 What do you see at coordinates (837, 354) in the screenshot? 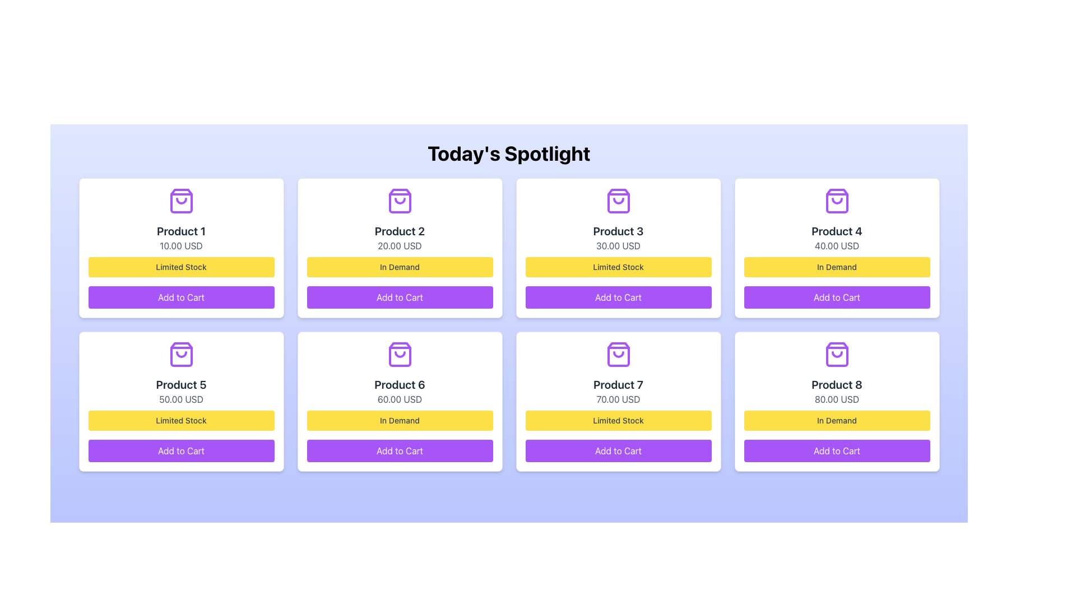
I see `the shopping bag icon located in the bottom-right corner of the eighth product card in the grid layout, which serves as a visual identifier for shopping-related actions` at bounding box center [837, 354].